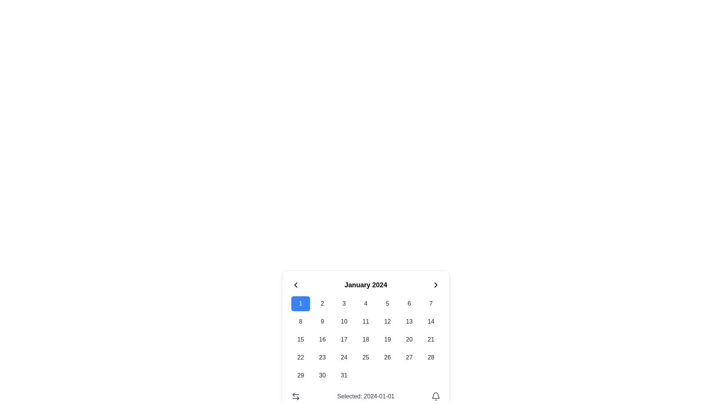 The width and height of the screenshot is (719, 404). Describe the element at coordinates (431, 339) in the screenshot. I see `the clickable calendar date cell displaying the number '21'` at that location.